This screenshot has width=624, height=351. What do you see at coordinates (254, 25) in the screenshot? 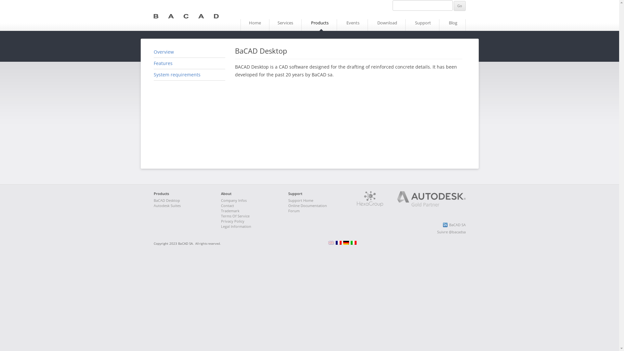
I see `'Home'` at bounding box center [254, 25].